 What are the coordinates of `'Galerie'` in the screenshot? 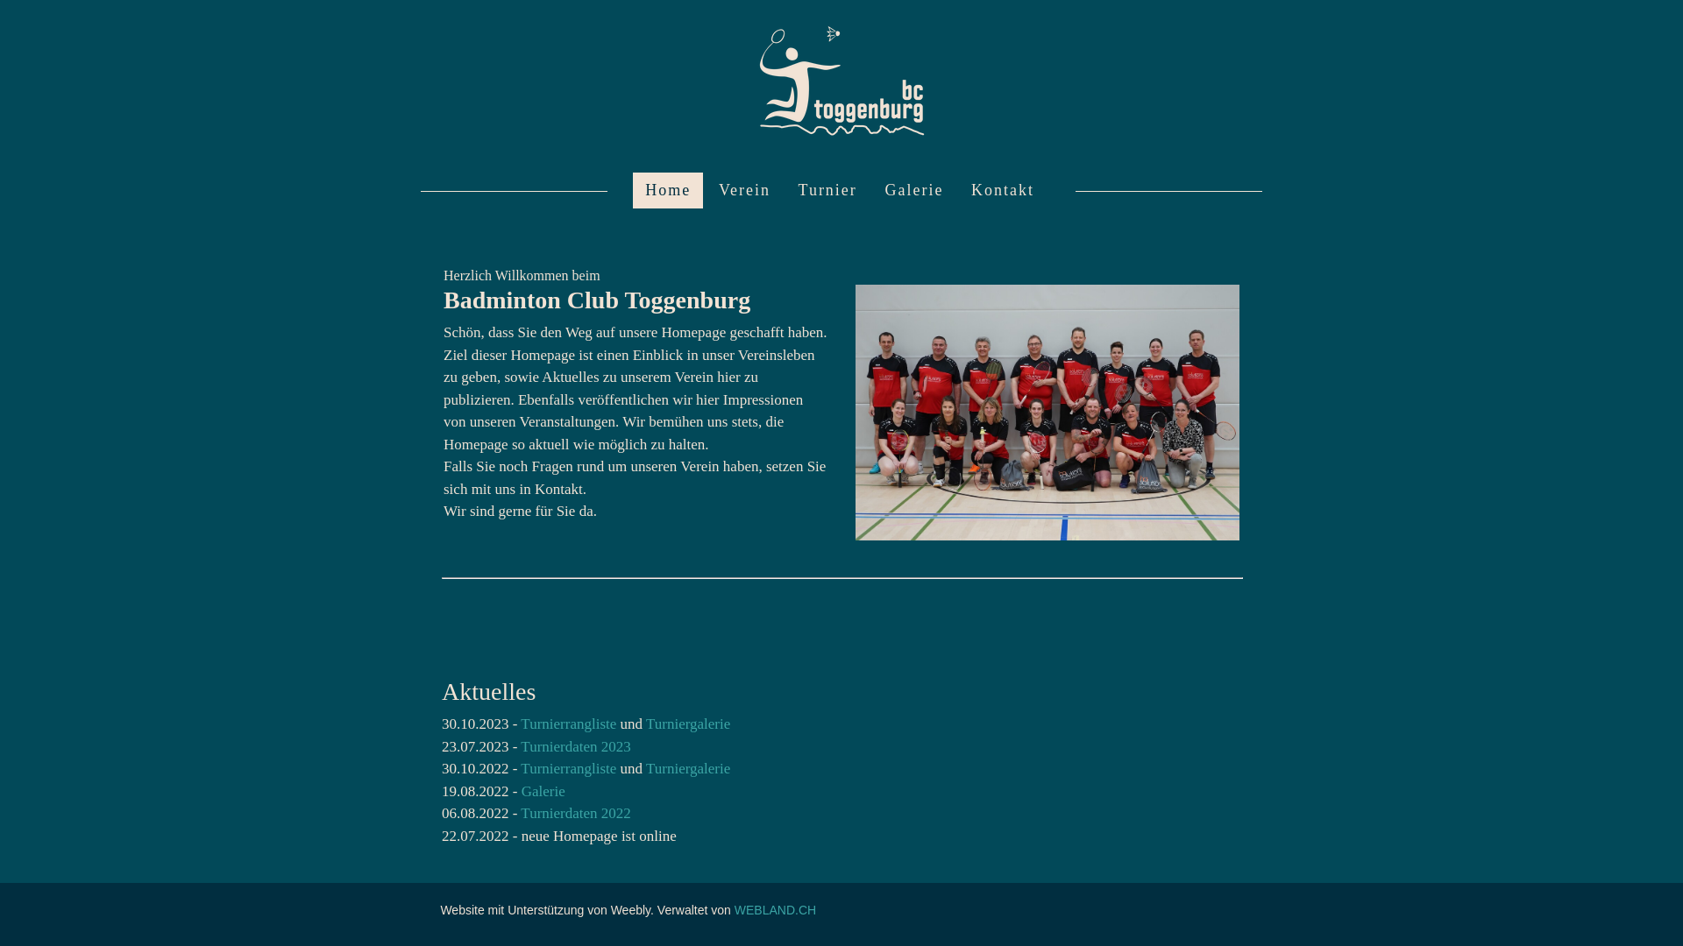 It's located at (913, 190).